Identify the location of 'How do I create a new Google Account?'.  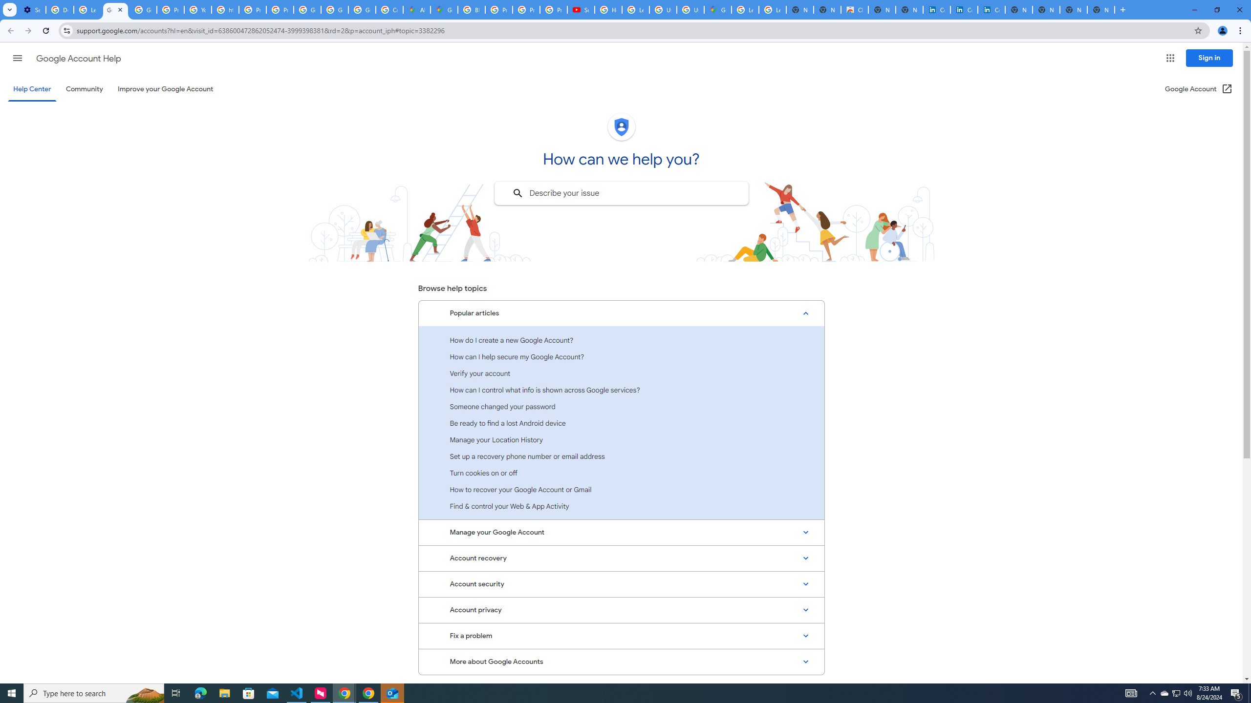
(621, 340).